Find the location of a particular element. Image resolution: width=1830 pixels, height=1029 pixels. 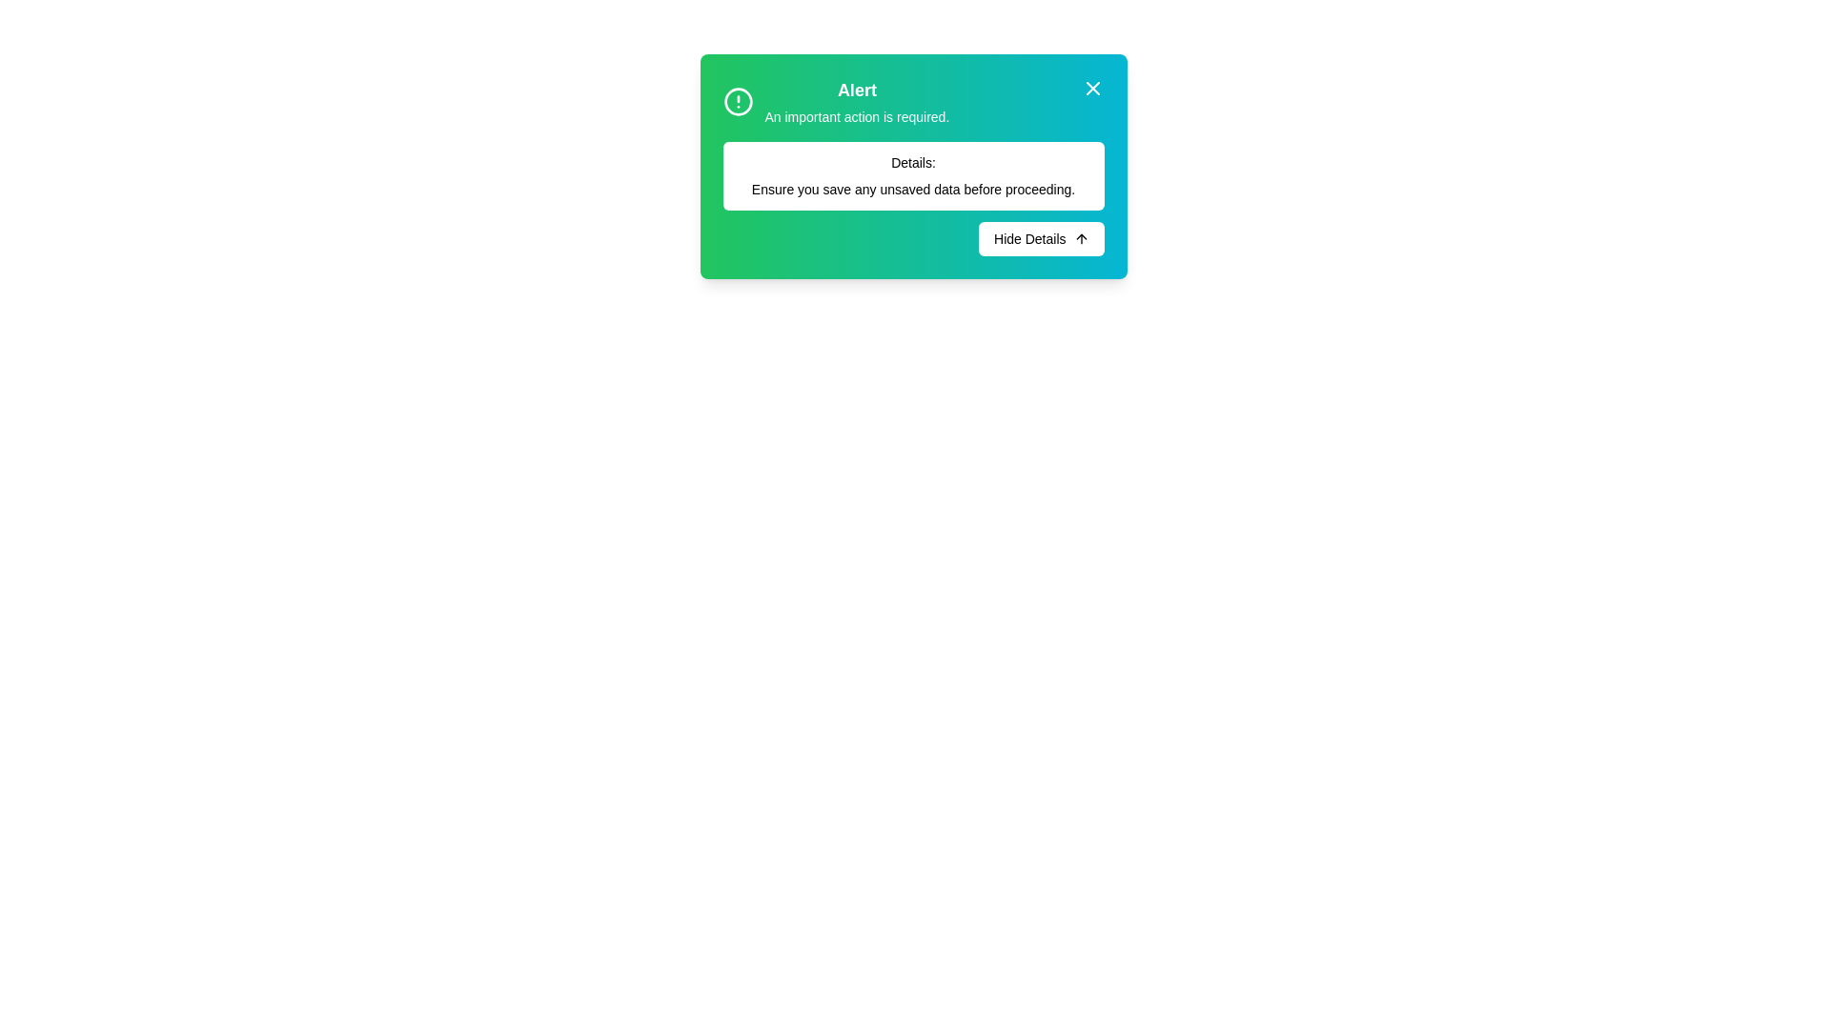

the prominently displayed 'Alert' text label, which is bold and slightly enlarged, located near the top-center of the main dialog box is located at coordinates (856, 91).